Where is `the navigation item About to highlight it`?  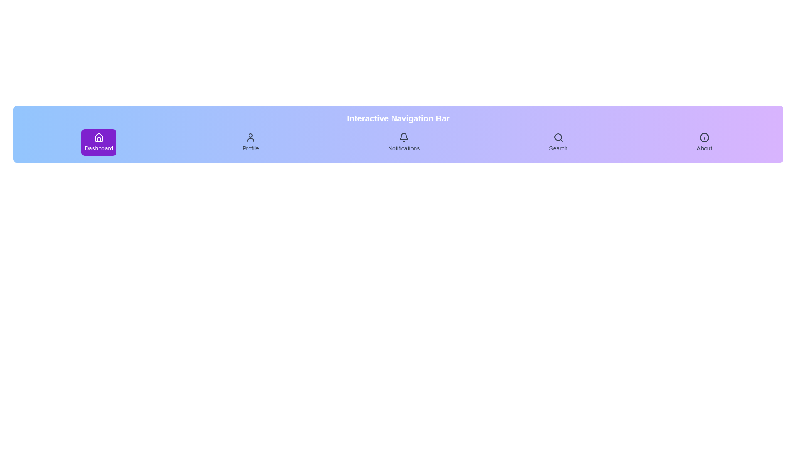
the navigation item About to highlight it is located at coordinates (704, 142).